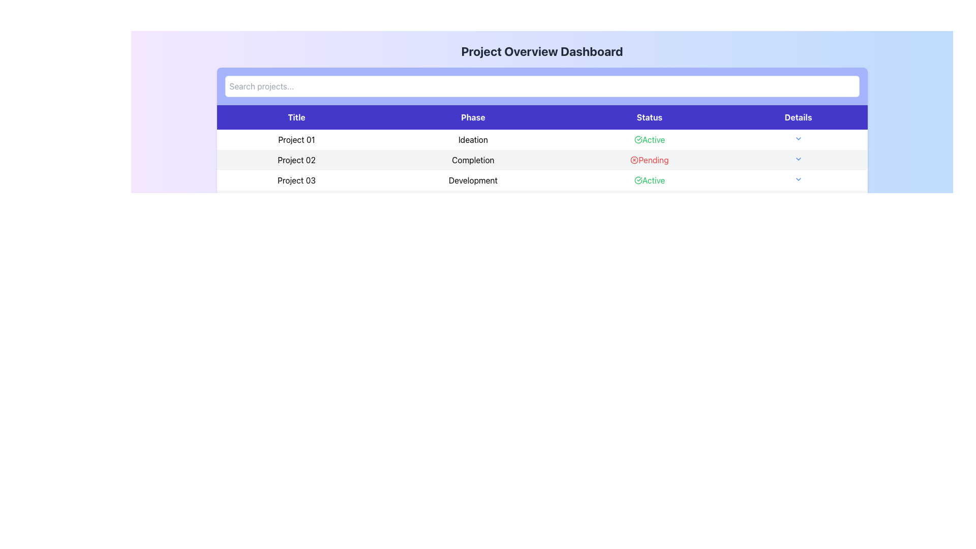 The width and height of the screenshot is (976, 549). What do you see at coordinates (634, 160) in the screenshot?
I see `the circular icon with a red cross inside, located in the 'Status' column of the second row corresponding to the 'Completion' phase in the project dashboard table` at bounding box center [634, 160].